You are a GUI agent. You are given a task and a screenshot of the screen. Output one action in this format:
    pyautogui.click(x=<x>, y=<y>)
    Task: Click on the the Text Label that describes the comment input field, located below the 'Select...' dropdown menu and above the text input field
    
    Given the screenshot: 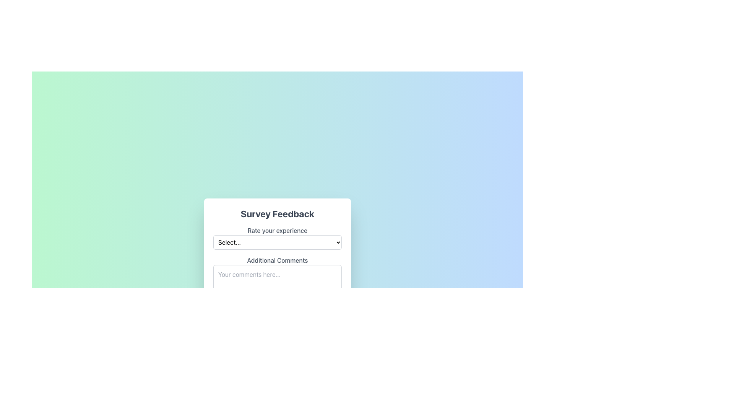 What is the action you would take?
    pyautogui.click(x=277, y=260)
    